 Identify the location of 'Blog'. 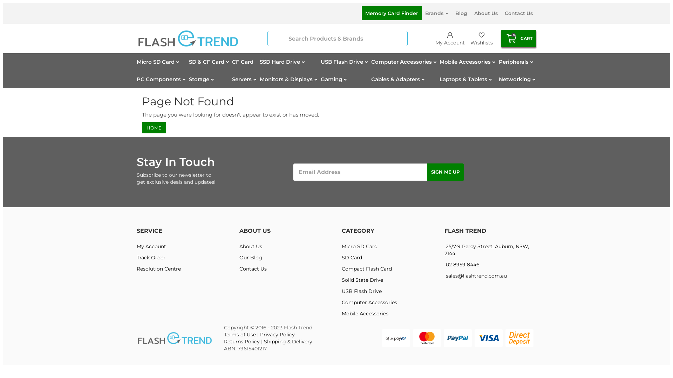
(461, 13).